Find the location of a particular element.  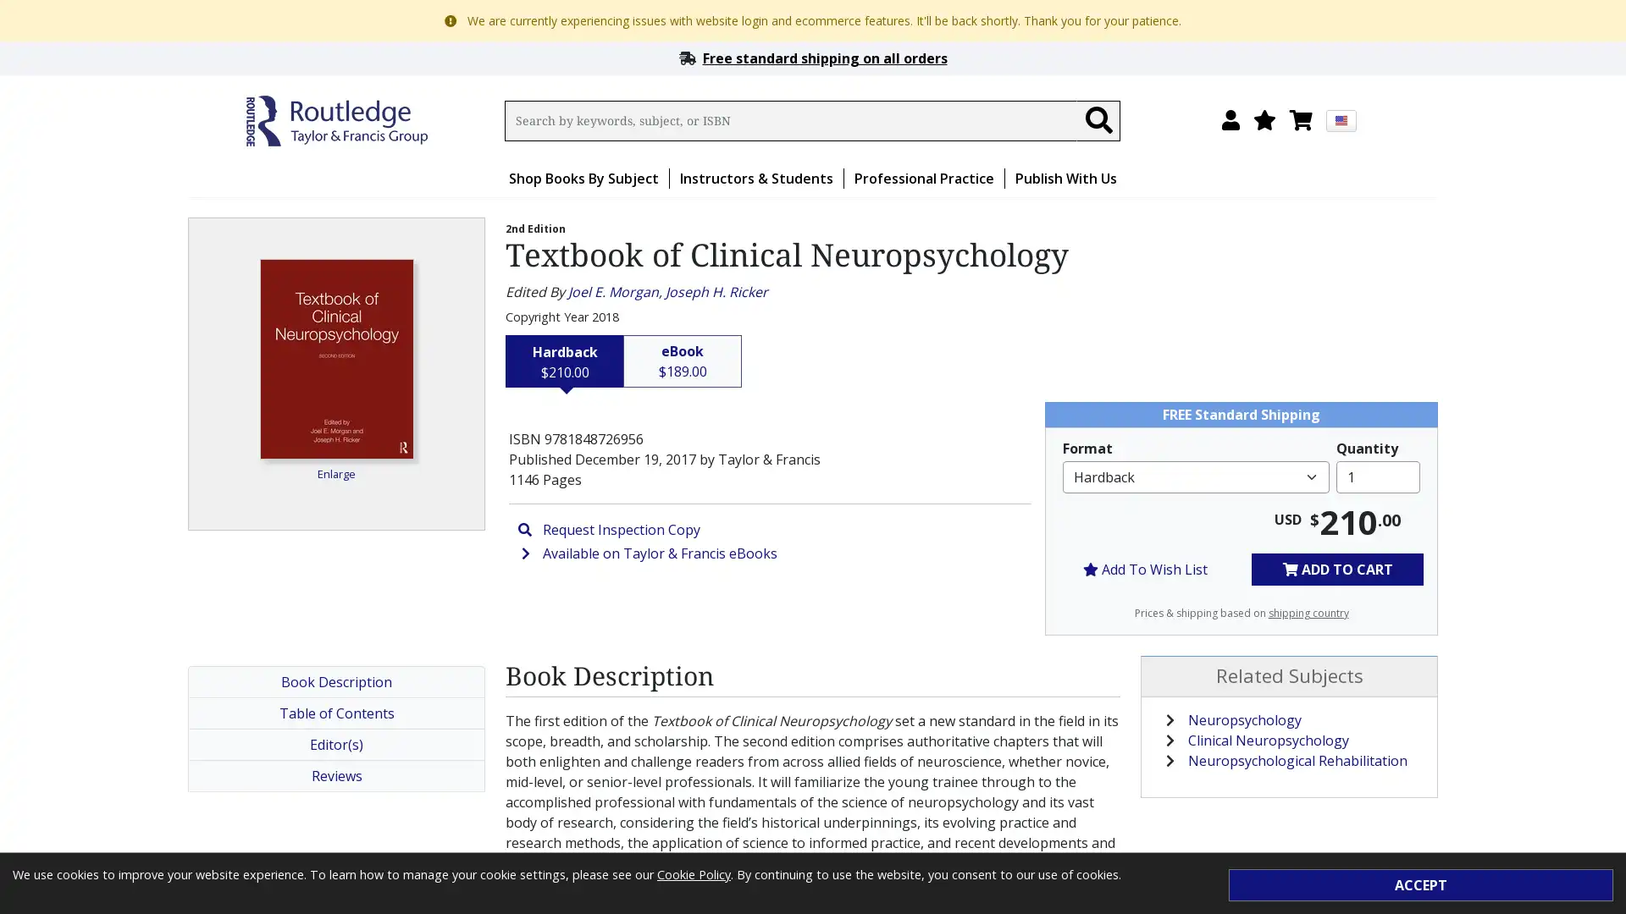

Hardback $210.00 is located at coordinates (565, 361).